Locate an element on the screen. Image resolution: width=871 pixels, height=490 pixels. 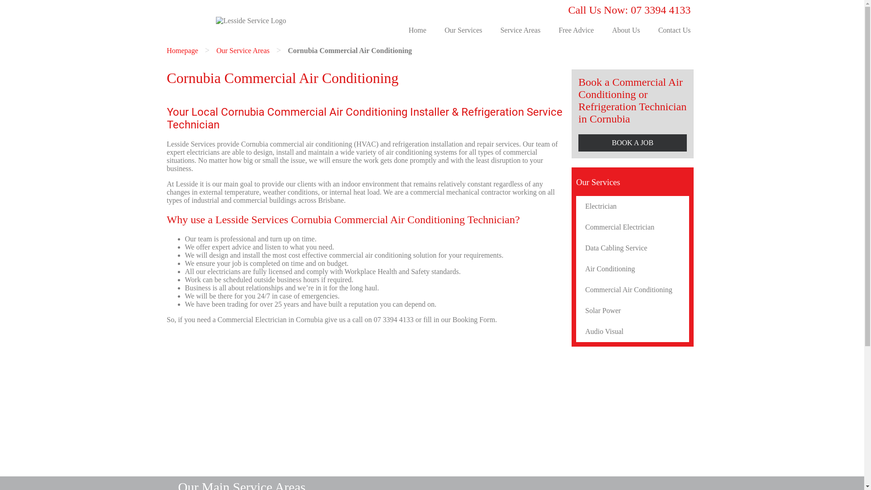
'Free Advice' is located at coordinates (548, 29).